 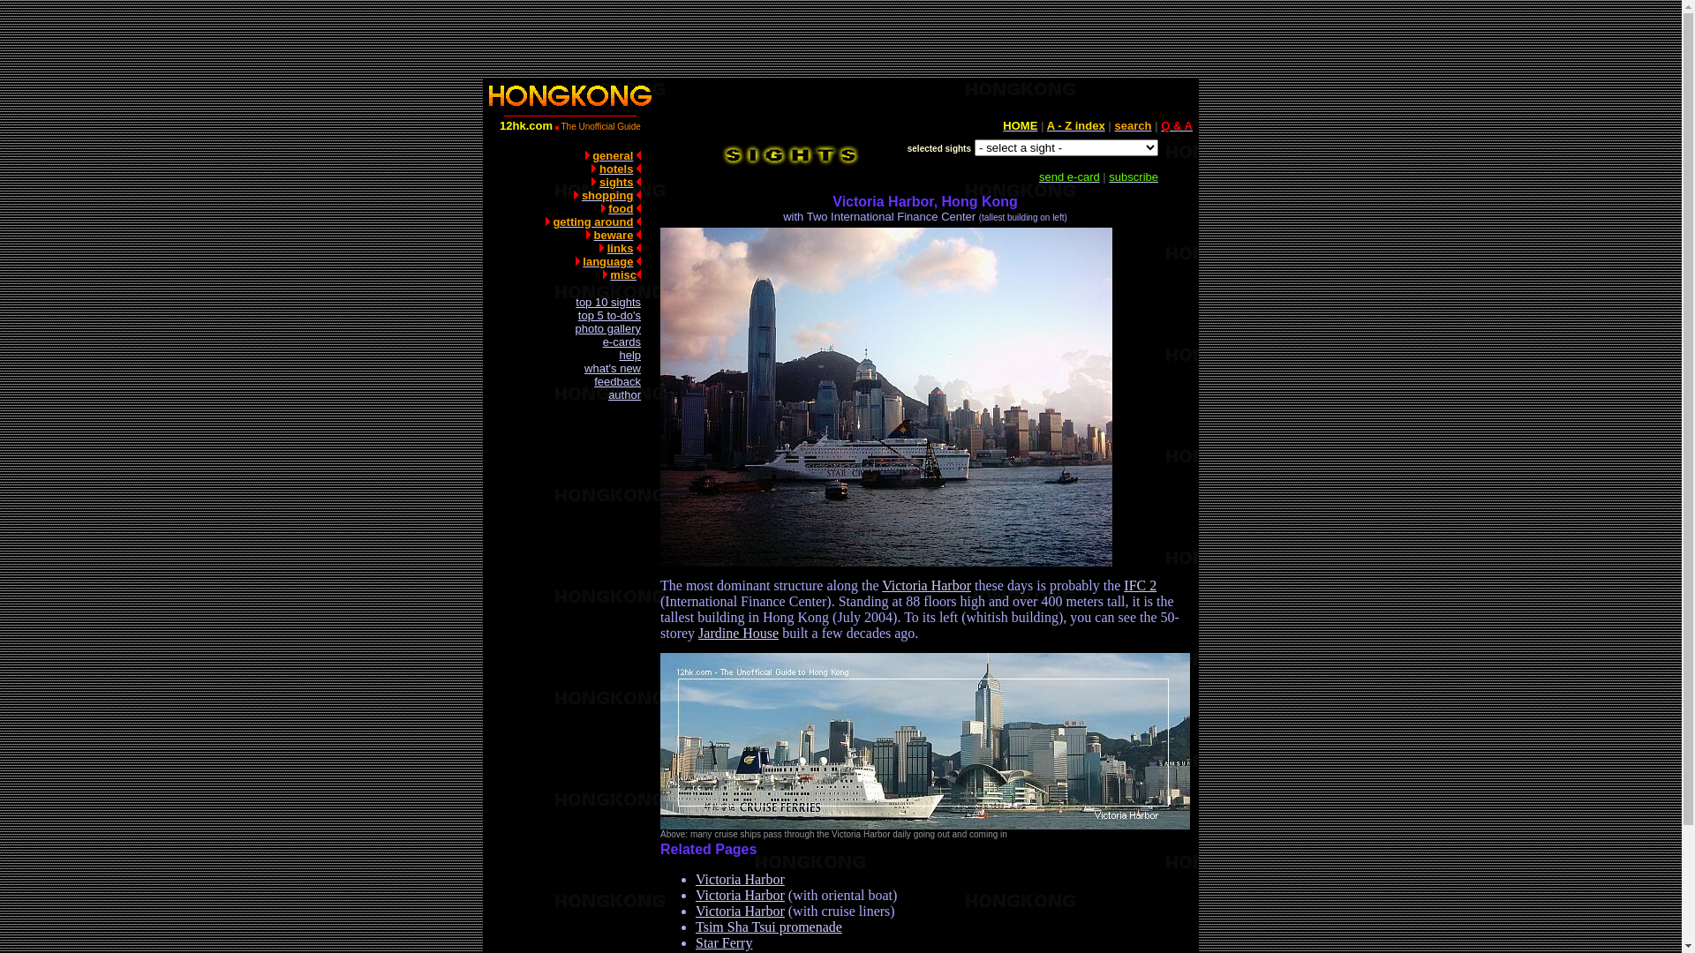 What do you see at coordinates (1177, 124) in the screenshot?
I see `'Q & A'` at bounding box center [1177, 124].